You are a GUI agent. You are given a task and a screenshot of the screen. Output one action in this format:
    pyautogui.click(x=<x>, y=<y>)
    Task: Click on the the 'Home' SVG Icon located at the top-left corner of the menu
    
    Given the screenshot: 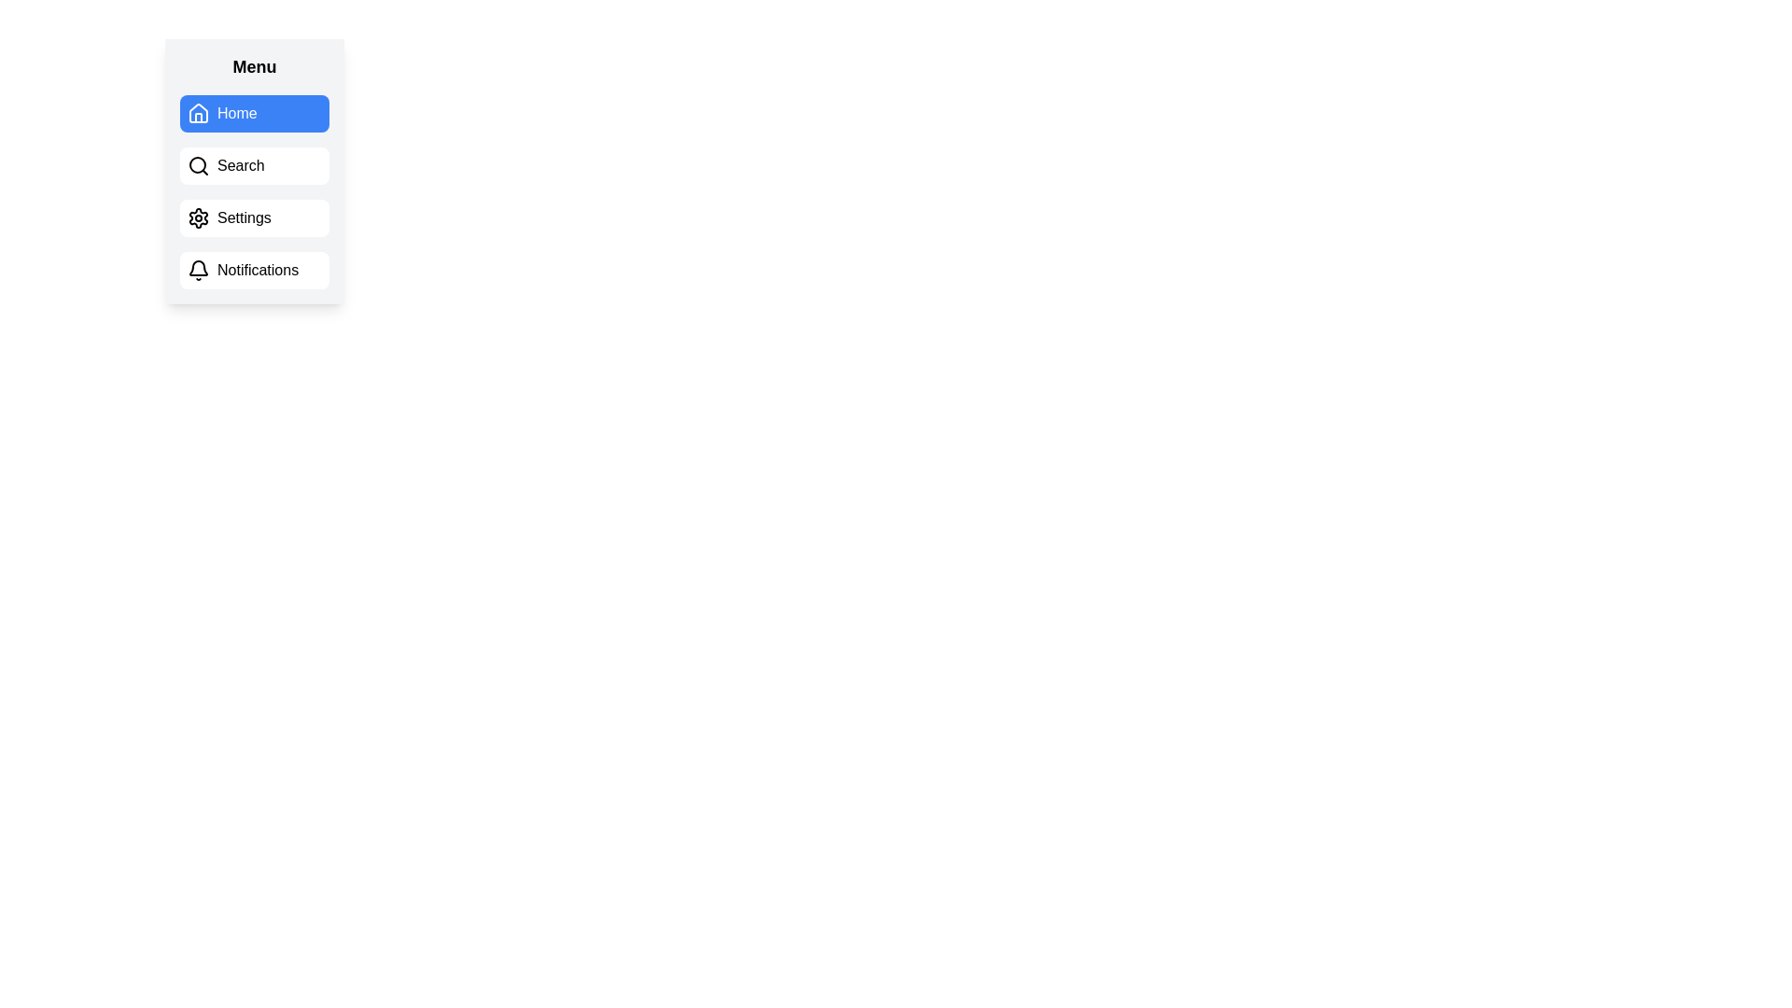 What is the action you would take?
    pyautogui.click(x=198, y=112)
    